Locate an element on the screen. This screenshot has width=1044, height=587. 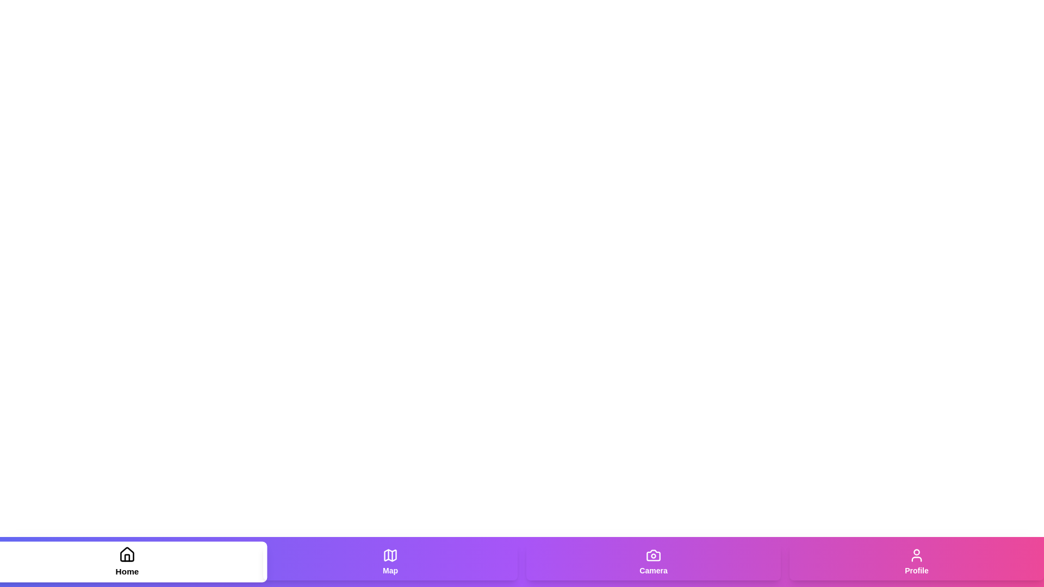
the text label of the tab Home is located at coordinates (127, 571).